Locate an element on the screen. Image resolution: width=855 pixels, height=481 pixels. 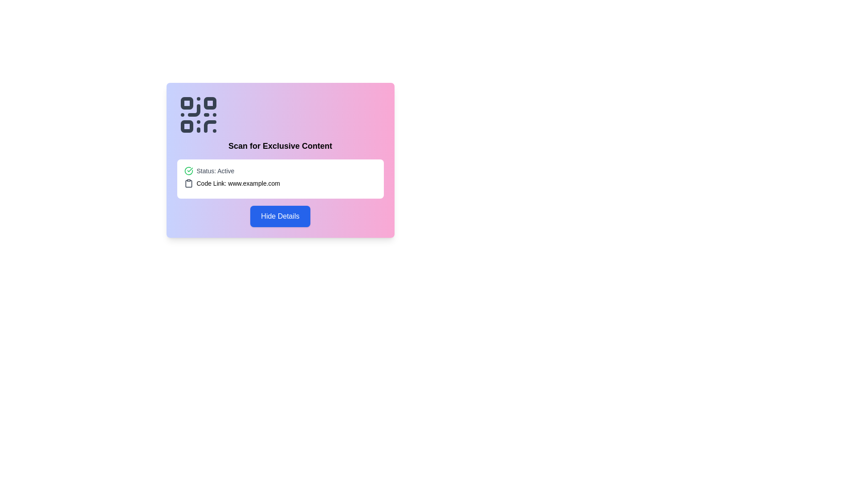
the Image (Styled QR Code) located at the top left corner of the gradient card layout, above the text 'Scan for Exclusive Content' is located at coordinates (198, 114).